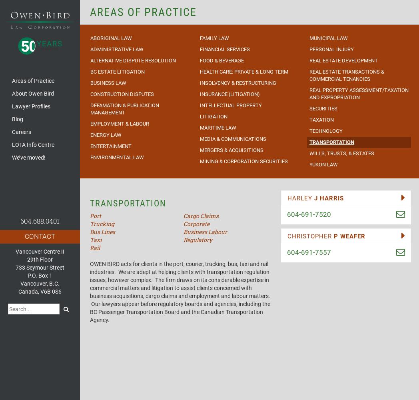 Image resolution: width=419 pixels, height=400 pixels. Describe the element at coordinates (325, 130) in the screenshot. I see `'Technology'` at that location.